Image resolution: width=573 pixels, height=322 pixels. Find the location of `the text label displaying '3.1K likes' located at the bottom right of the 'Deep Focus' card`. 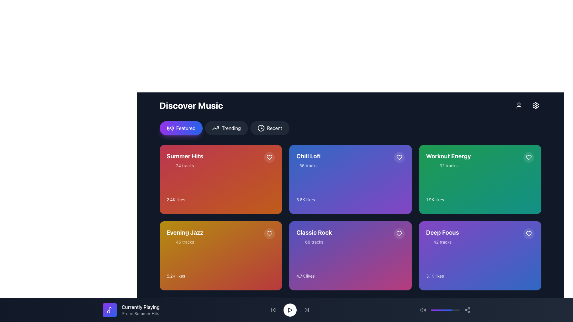

the text label displaying '3.1K likes' located at the bottom right of the 'Deep Focus' card is located at coordinates (435, 276).